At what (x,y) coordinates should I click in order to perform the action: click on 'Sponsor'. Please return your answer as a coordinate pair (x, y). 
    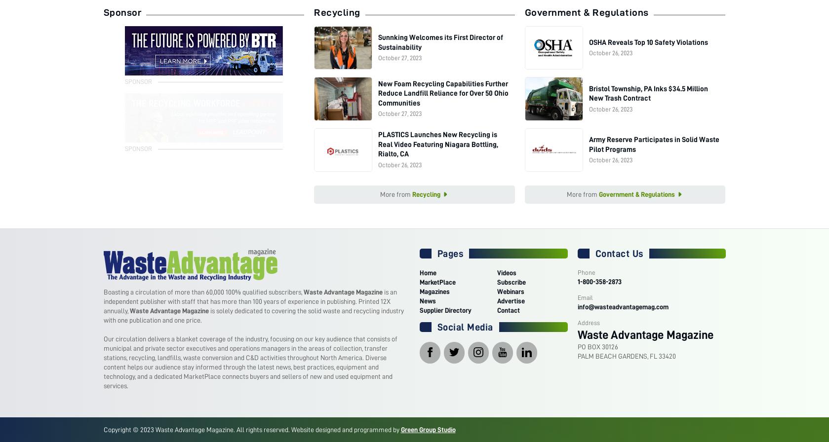
    Looking at the image, I should click on (103, 12).